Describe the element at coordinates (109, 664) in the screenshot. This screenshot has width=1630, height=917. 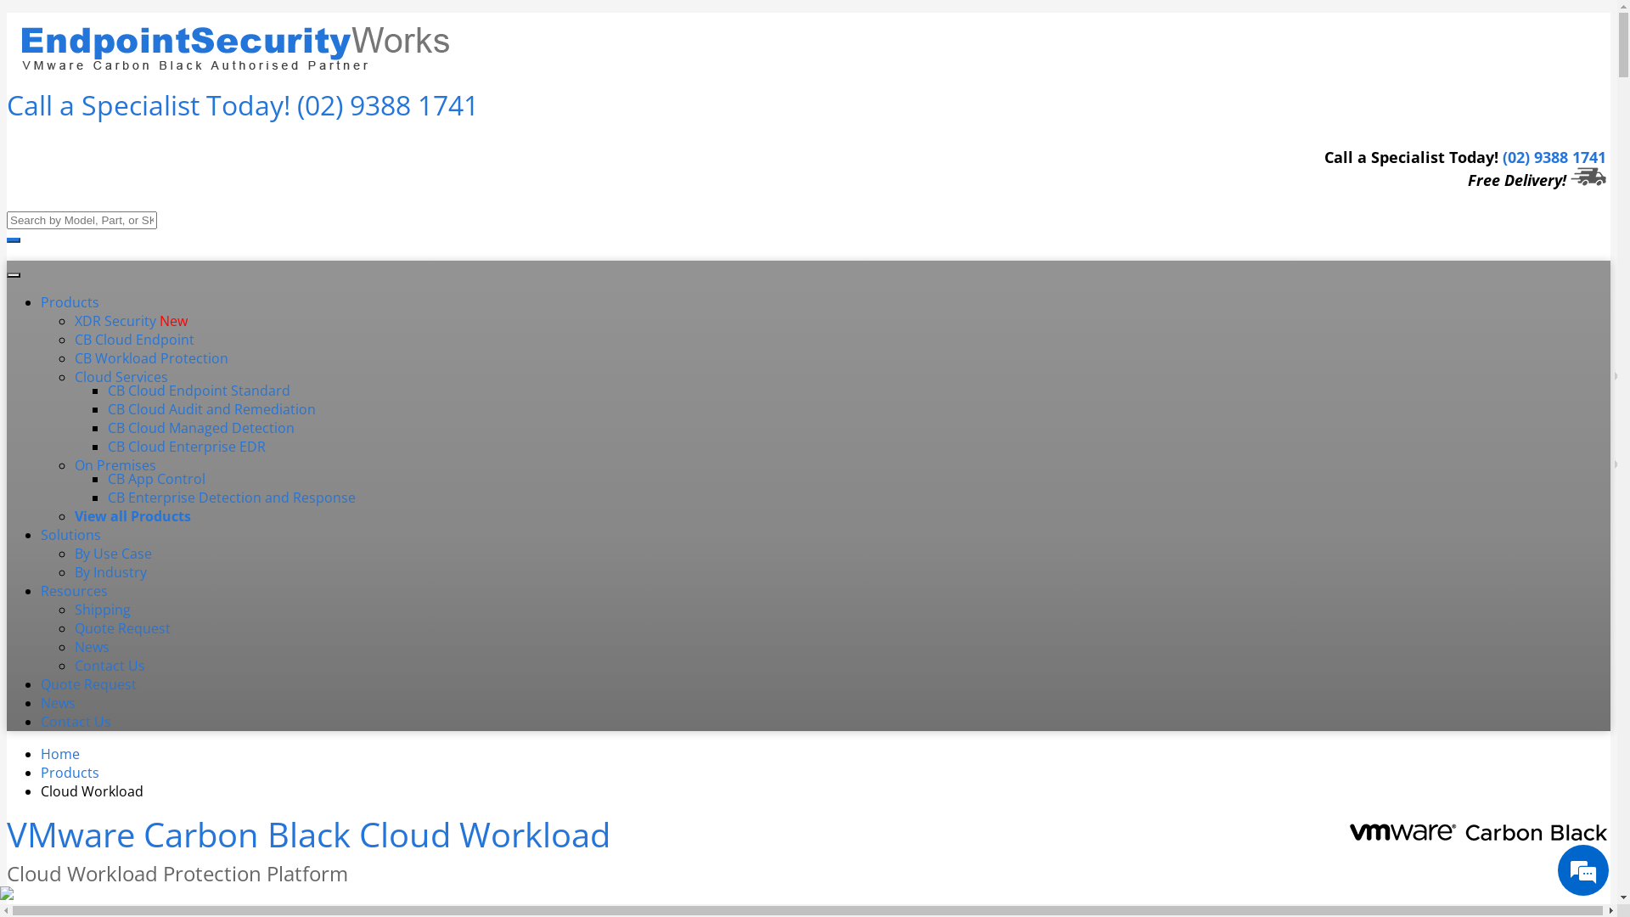
I see `'Contact Us'` at that location.